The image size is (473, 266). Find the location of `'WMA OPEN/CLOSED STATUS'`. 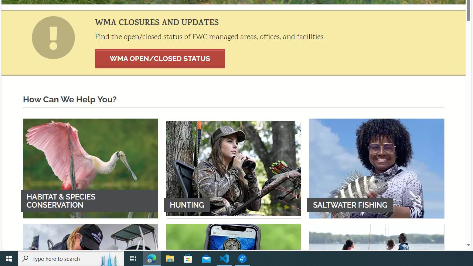

'WMA OPEN/CLOSED STATUS' is located at coordinates (160, 58).